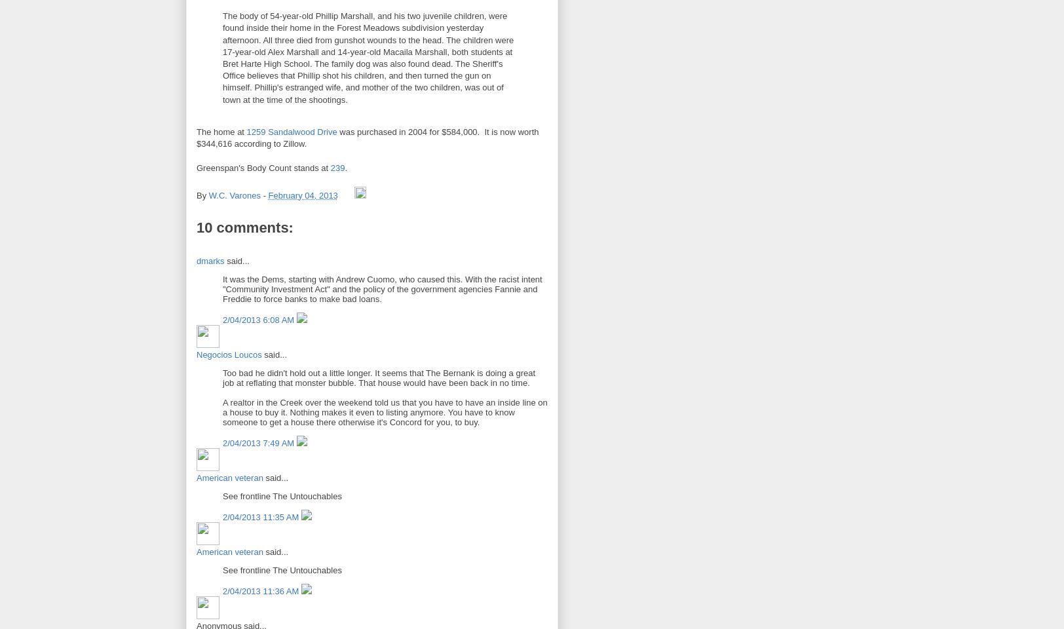  I want to click on '-', so click(265, 195).